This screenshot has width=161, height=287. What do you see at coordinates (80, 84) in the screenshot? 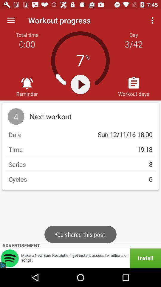
I see `start timer` at bounding box center [80, 84].